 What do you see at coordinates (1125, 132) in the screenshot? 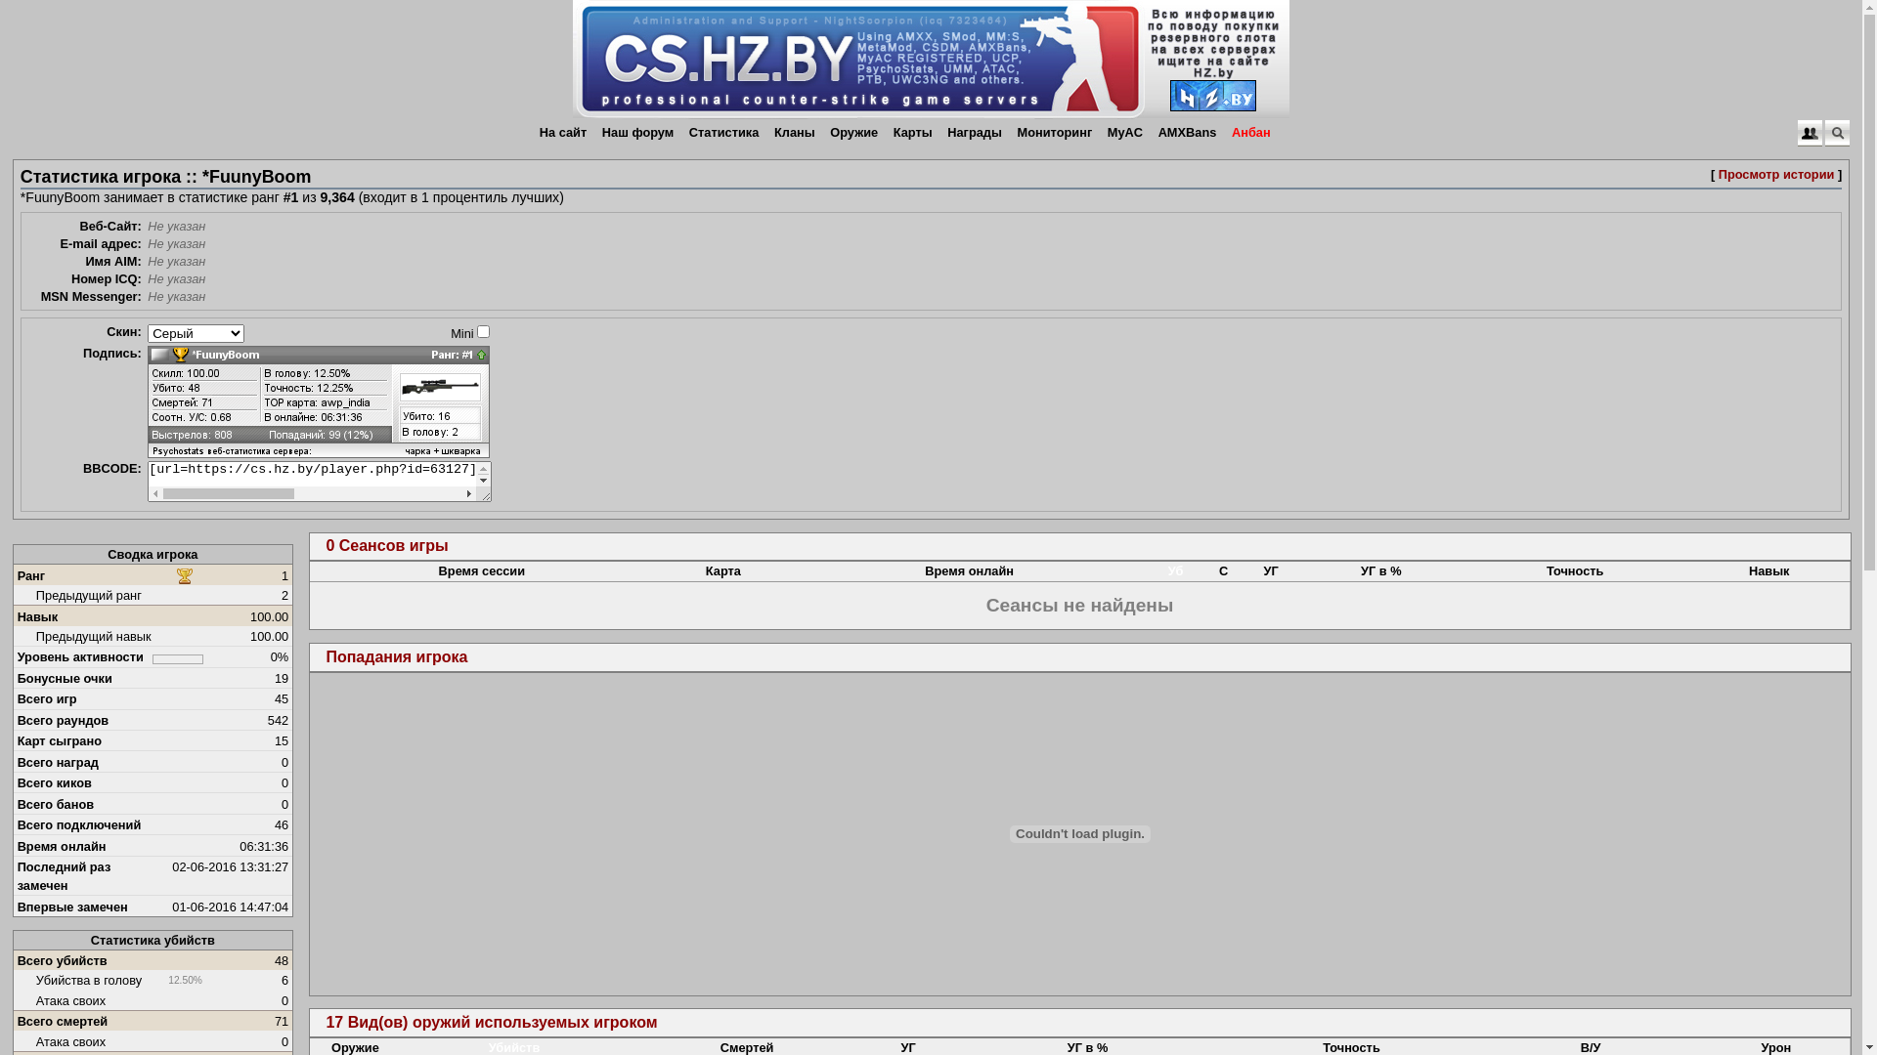
I see `'MyAC'` at bounding box center [1125, 132].